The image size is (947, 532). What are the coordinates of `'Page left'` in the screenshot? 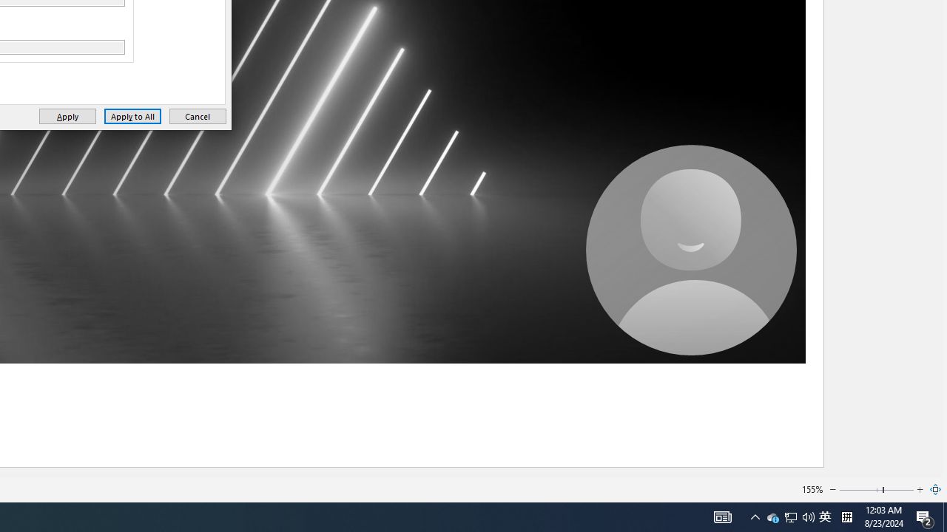 It's located at (860, 490).